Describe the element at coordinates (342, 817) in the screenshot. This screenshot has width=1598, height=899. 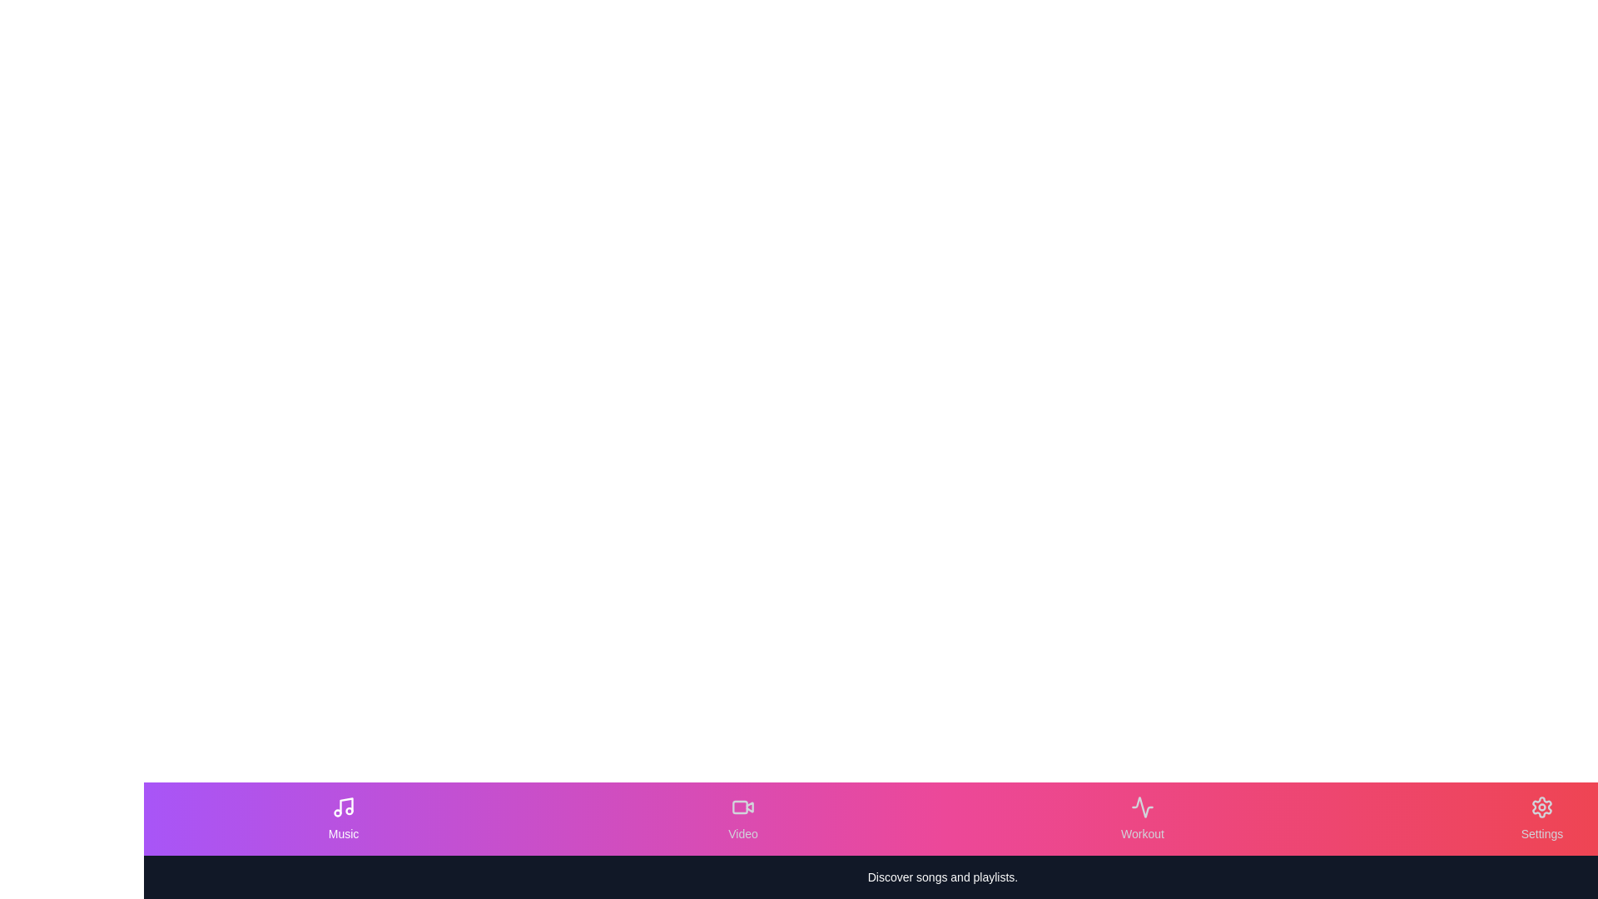
I see `the Music tab in the EnhancedBottomNavigation component` at that location.